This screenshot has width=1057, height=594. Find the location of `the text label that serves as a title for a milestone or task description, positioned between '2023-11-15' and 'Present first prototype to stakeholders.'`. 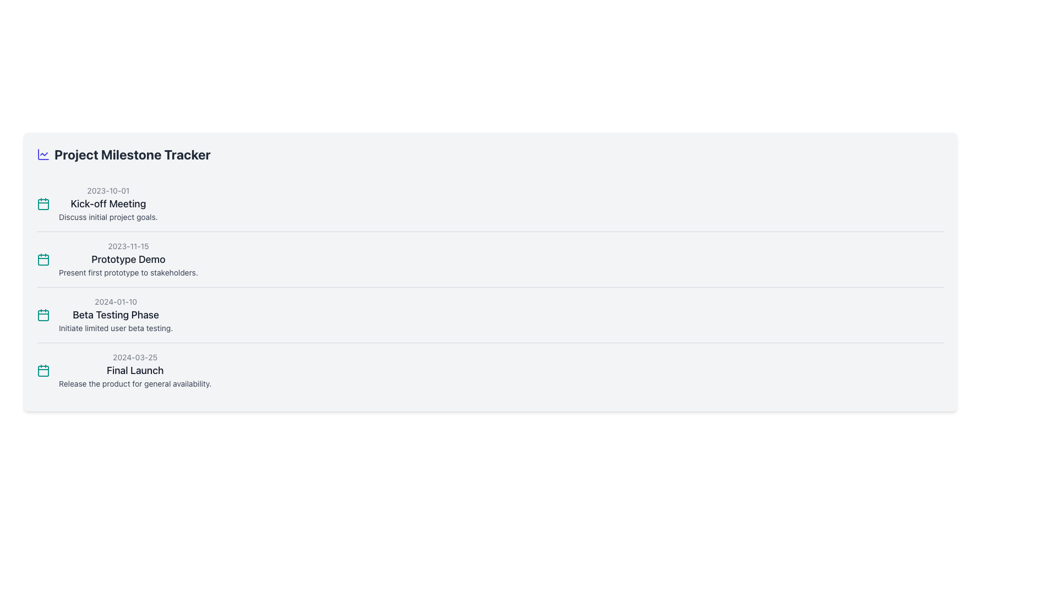

the text label that serves as a title for a milestone or task description, positioned between '2023-11-15' and 'Present first prototype to stakeholders.' is located at coordinates (128, 259).